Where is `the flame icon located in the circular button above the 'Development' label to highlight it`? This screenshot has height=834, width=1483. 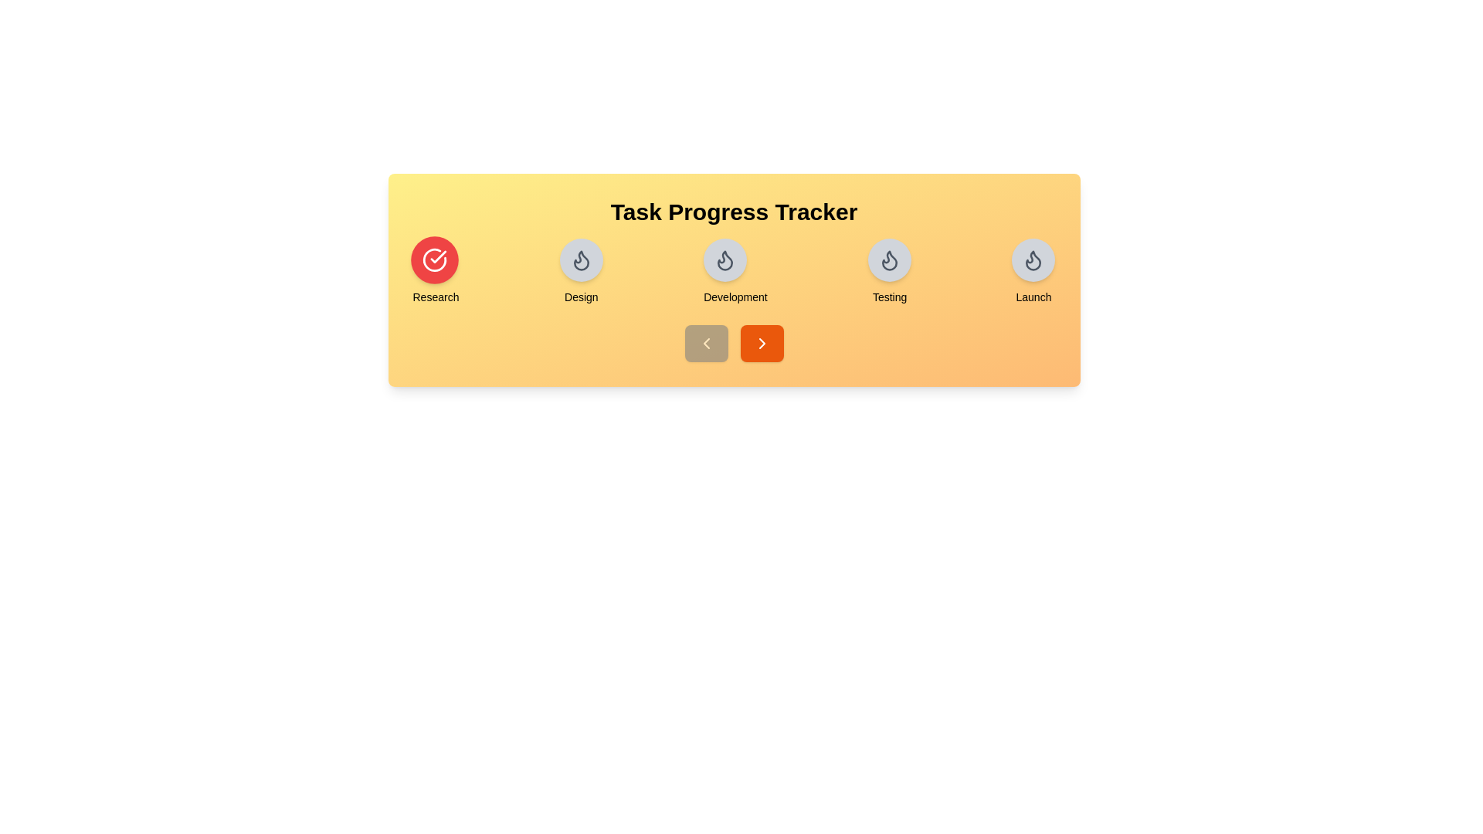 the flame icon located in the circular button above the 'Development' label to highlight it is located at coordinates (725, 259).